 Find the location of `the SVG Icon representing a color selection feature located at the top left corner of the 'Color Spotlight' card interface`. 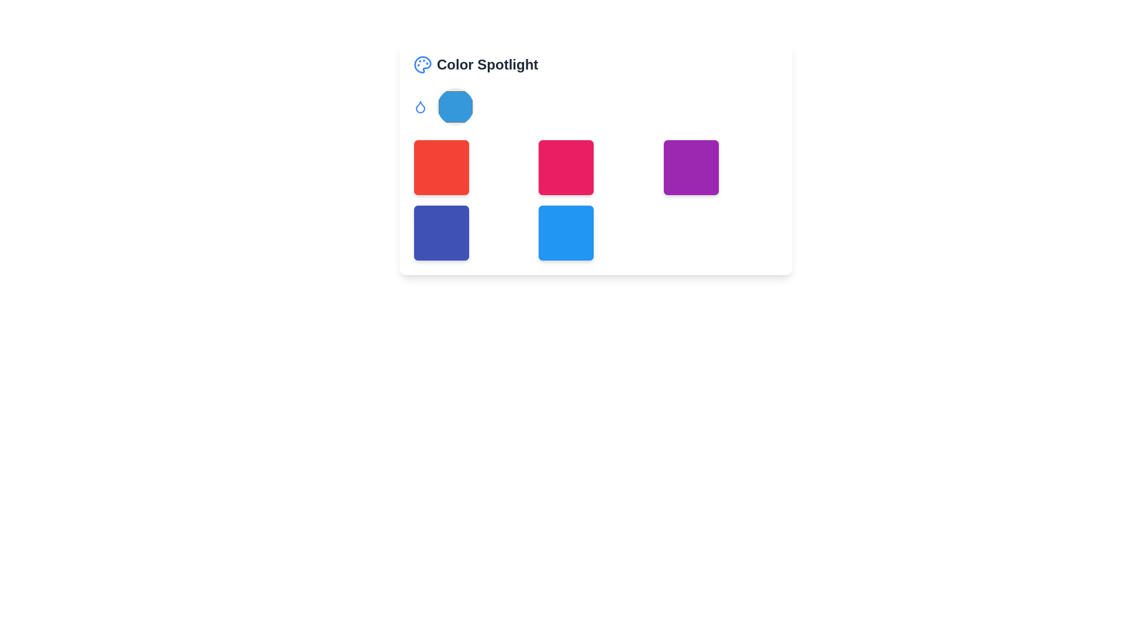

the SVG Icon representing a color selection feature located at the top left corner of the 'Color Spotlight' card interface is located at coordinates (422, 65).